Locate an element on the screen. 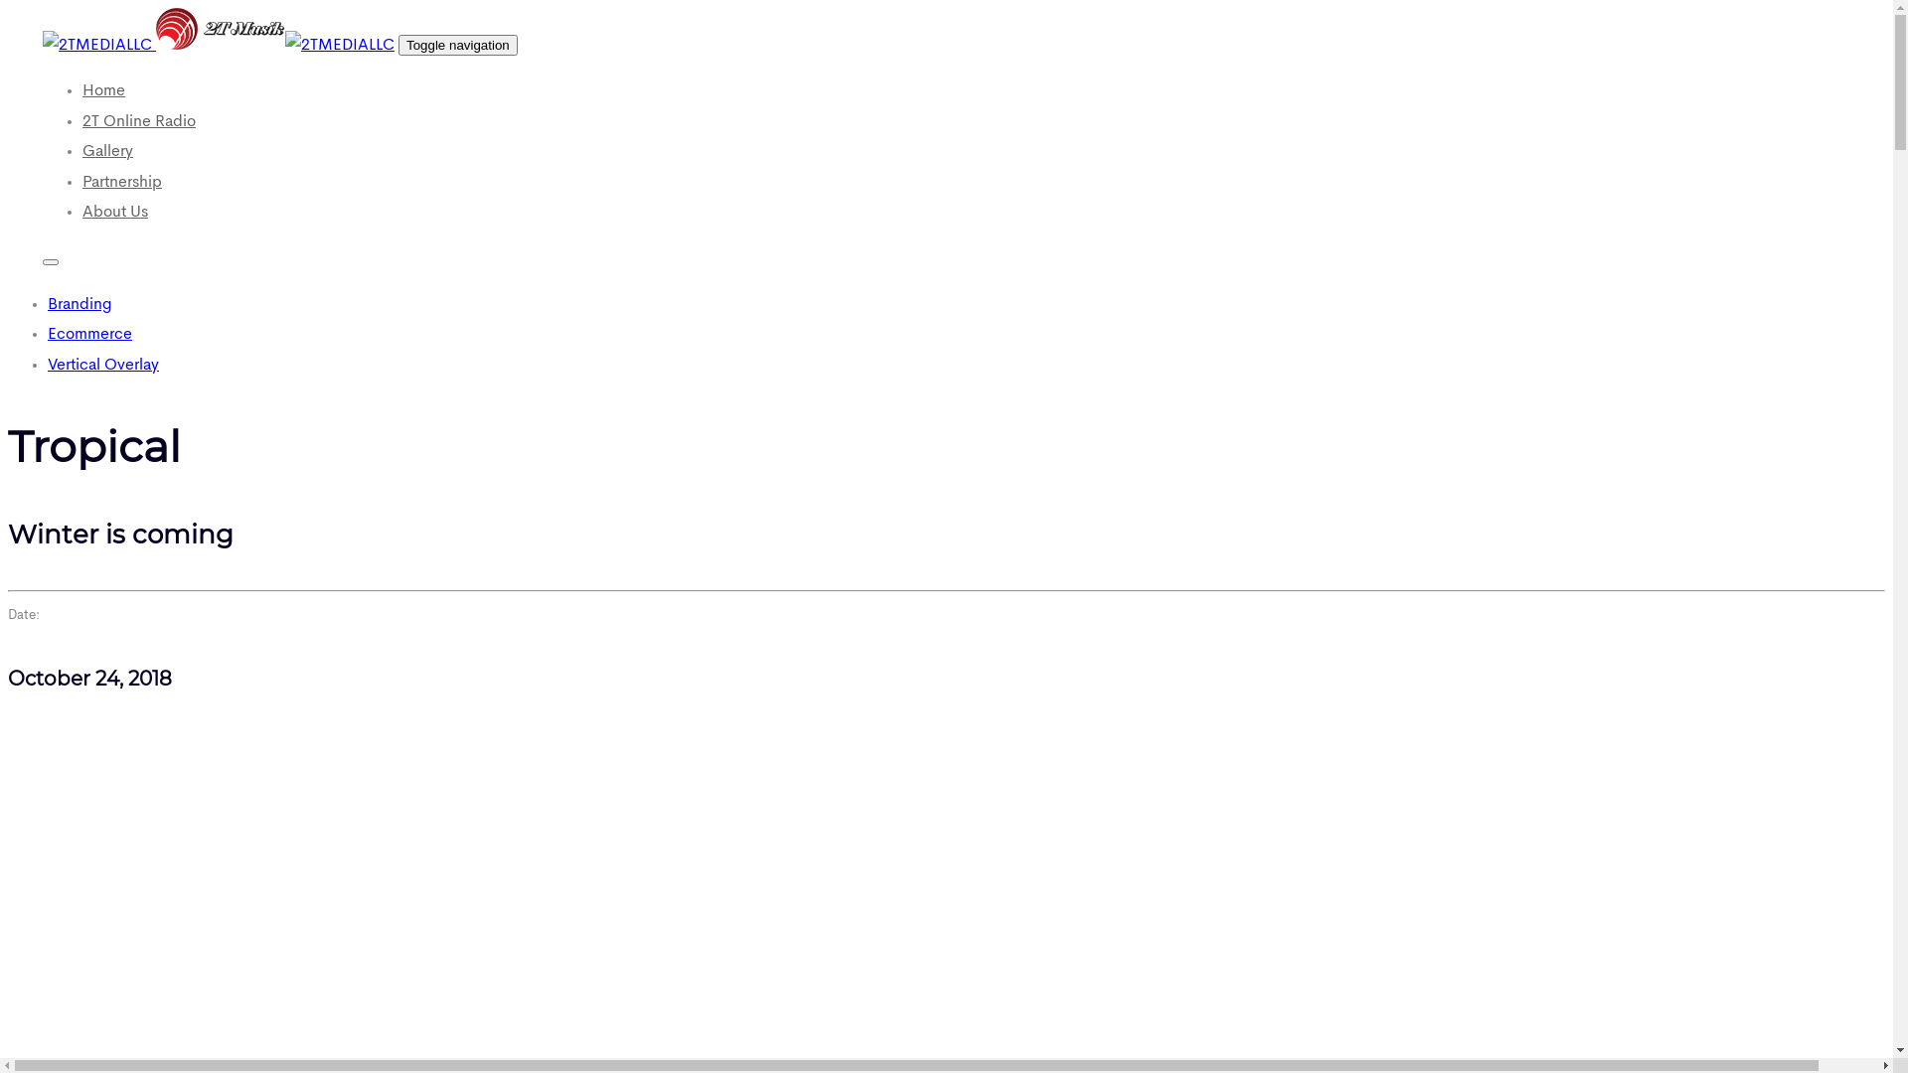  'About Us' is located at coordinates (113, 212).